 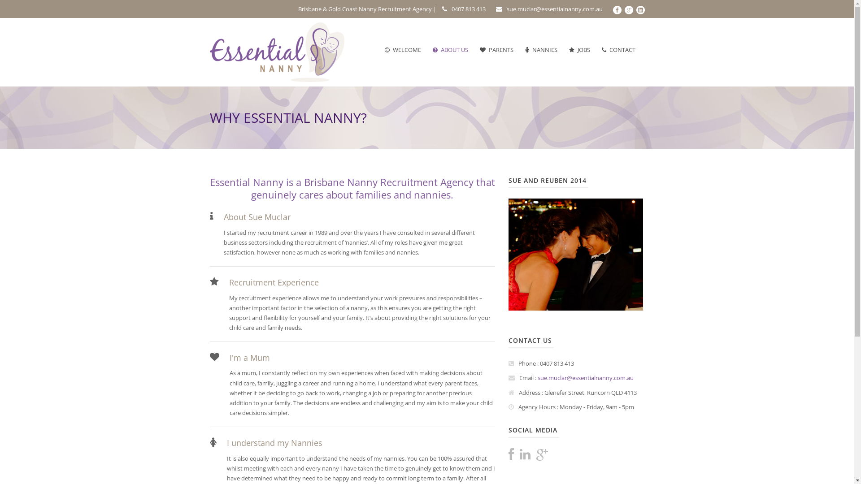 I want to click on 'sue.muclar@essentialnanny.com.au', so click(x=554, y=9).